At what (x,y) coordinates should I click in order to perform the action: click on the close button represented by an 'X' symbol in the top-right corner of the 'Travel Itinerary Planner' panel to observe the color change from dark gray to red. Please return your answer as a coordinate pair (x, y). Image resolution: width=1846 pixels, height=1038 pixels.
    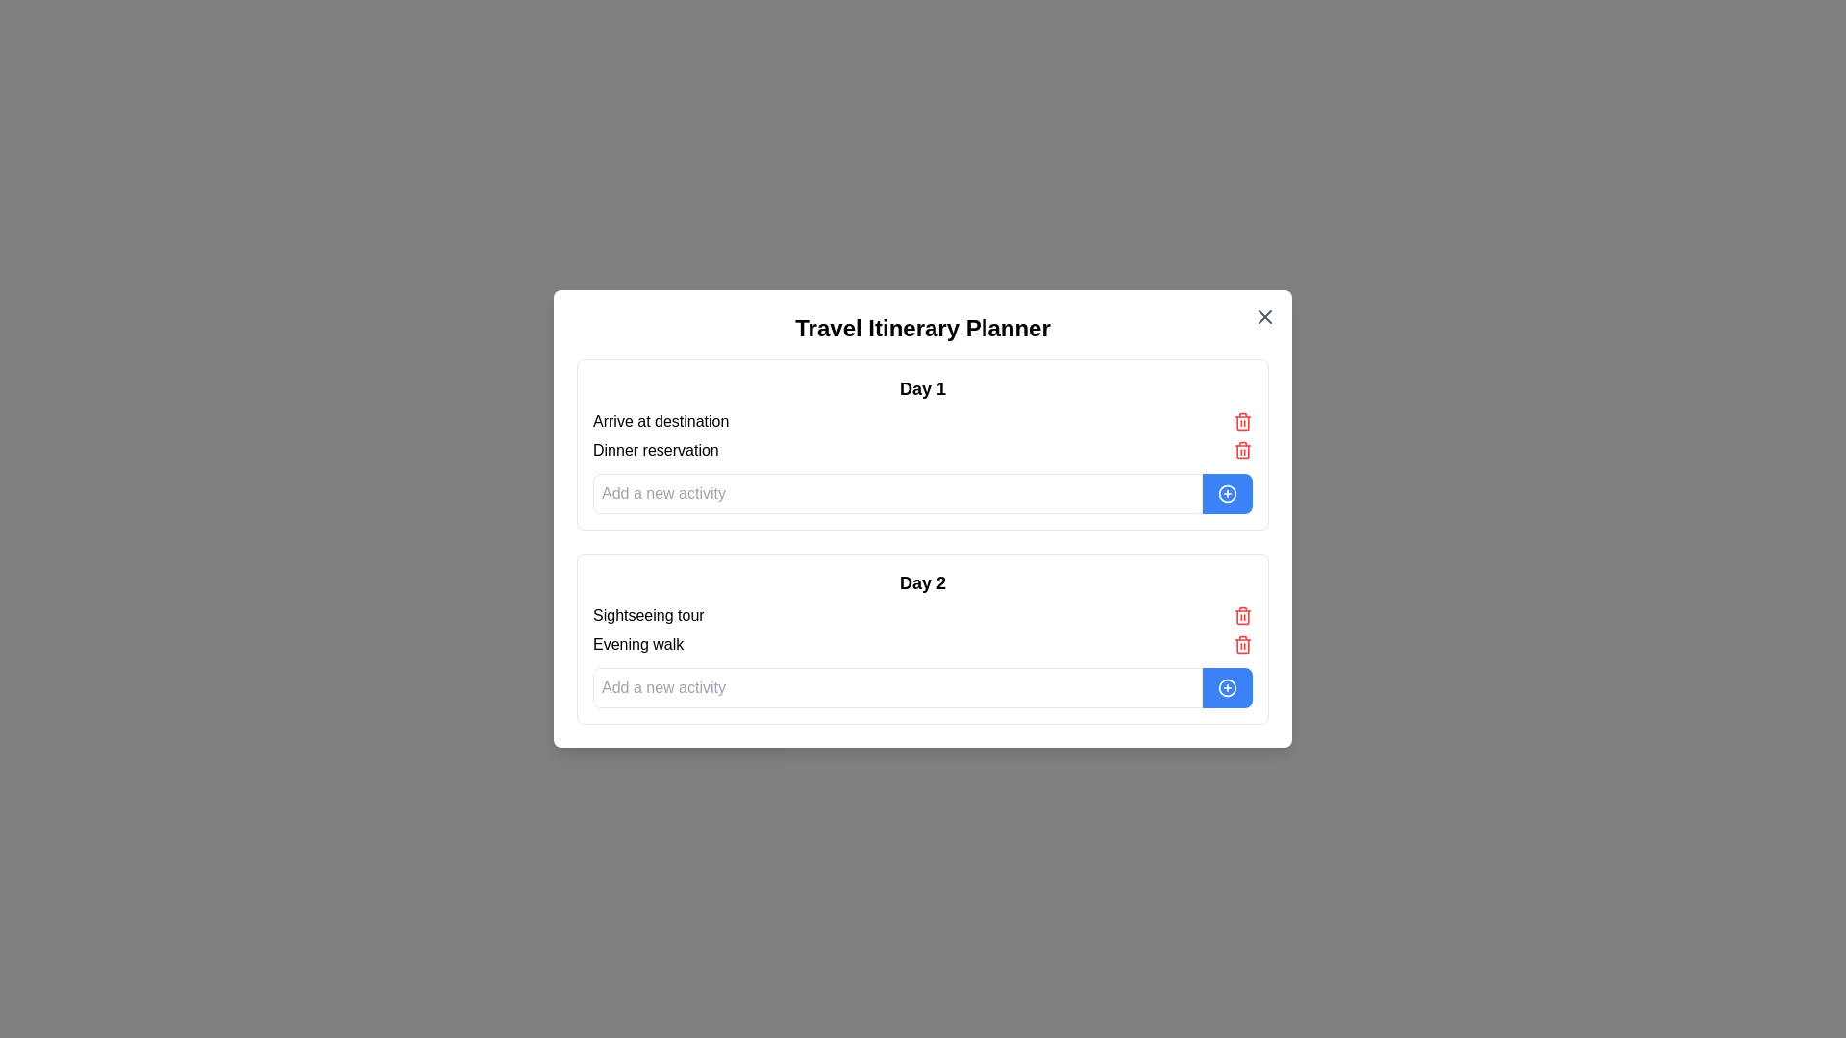
    Looking at the image, I should click on (1264, 316).